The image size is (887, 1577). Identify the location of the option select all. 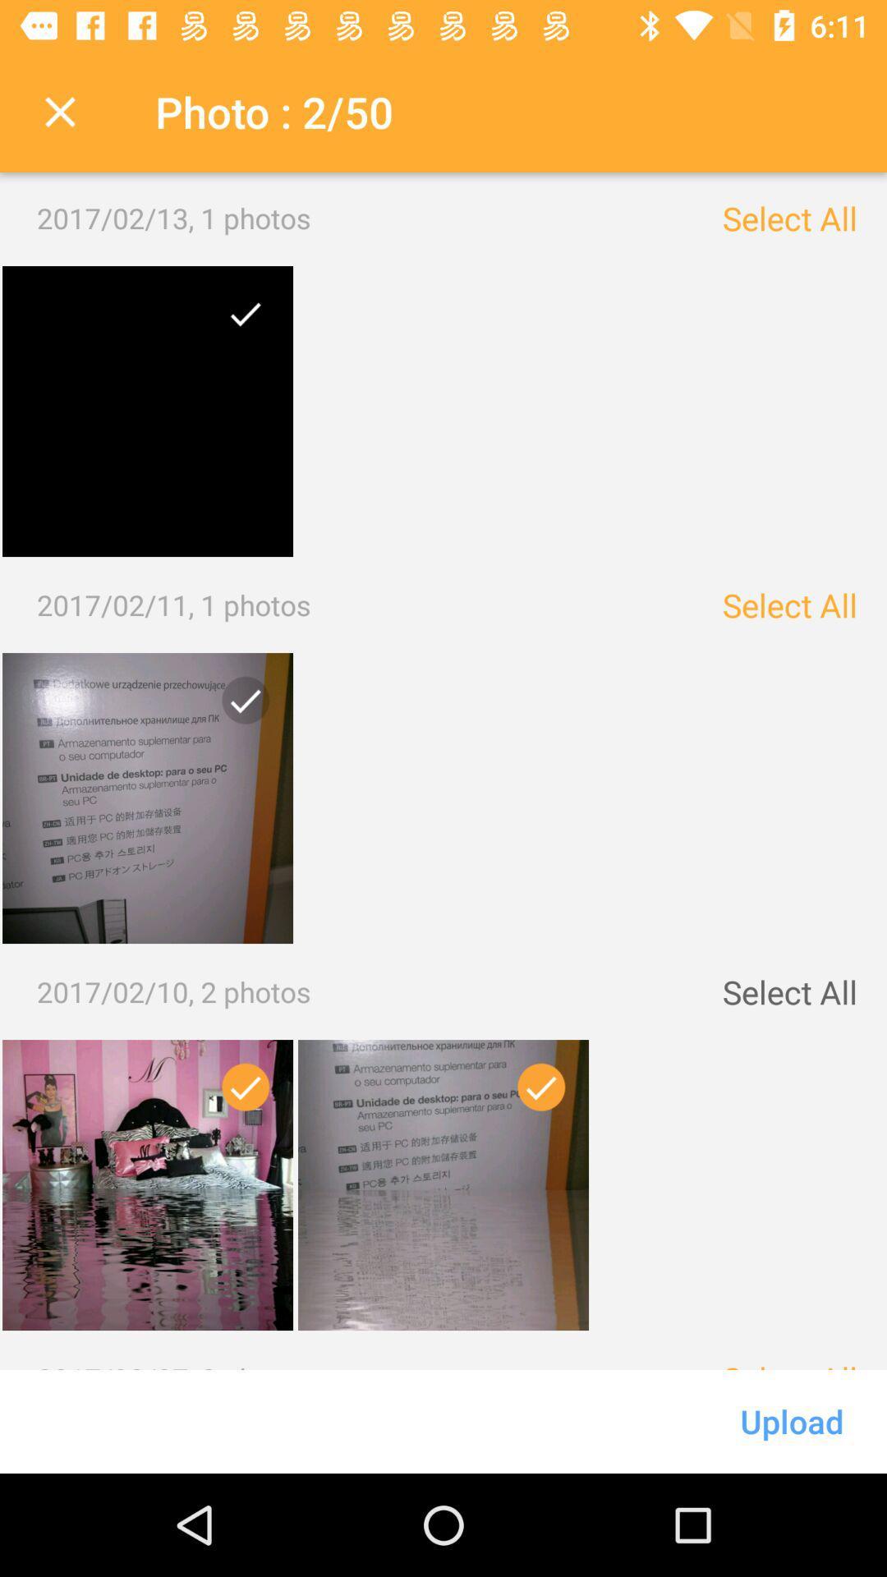
(788, 217).